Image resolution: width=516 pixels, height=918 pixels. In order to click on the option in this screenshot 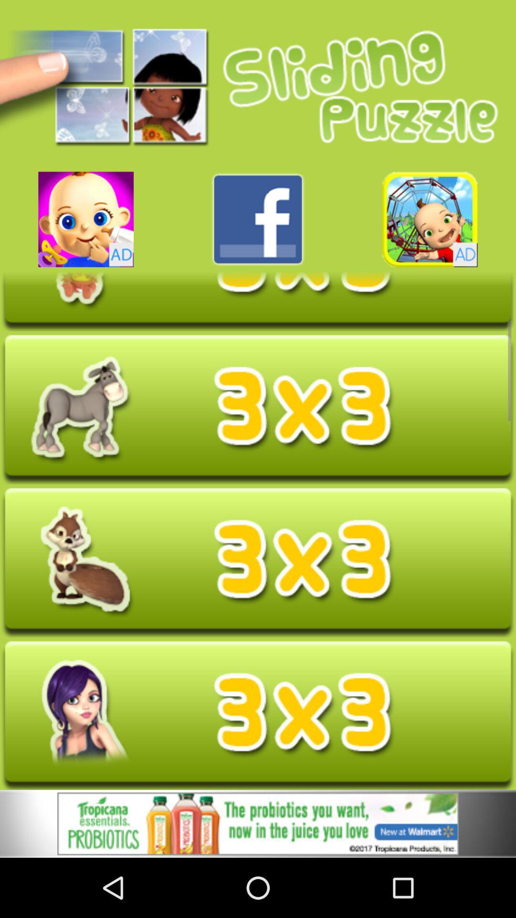, I will do `click(258, 823)`.